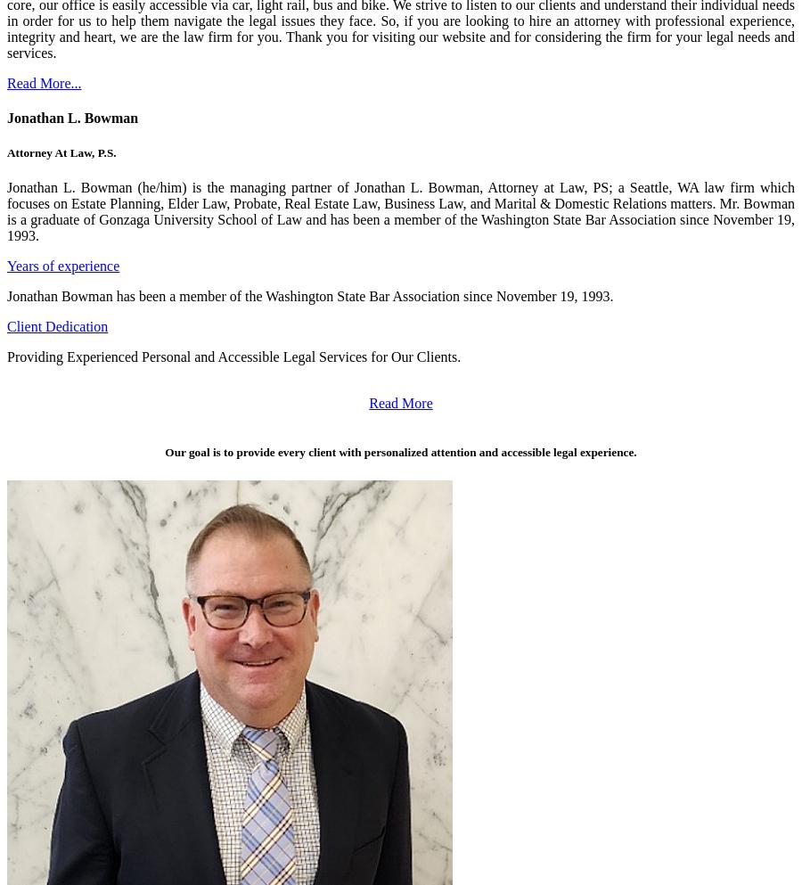 The image size is (802, 885). Describe the element at coordinates (6, 266) in the screenshot. I see `'Years of experience'` at that location.